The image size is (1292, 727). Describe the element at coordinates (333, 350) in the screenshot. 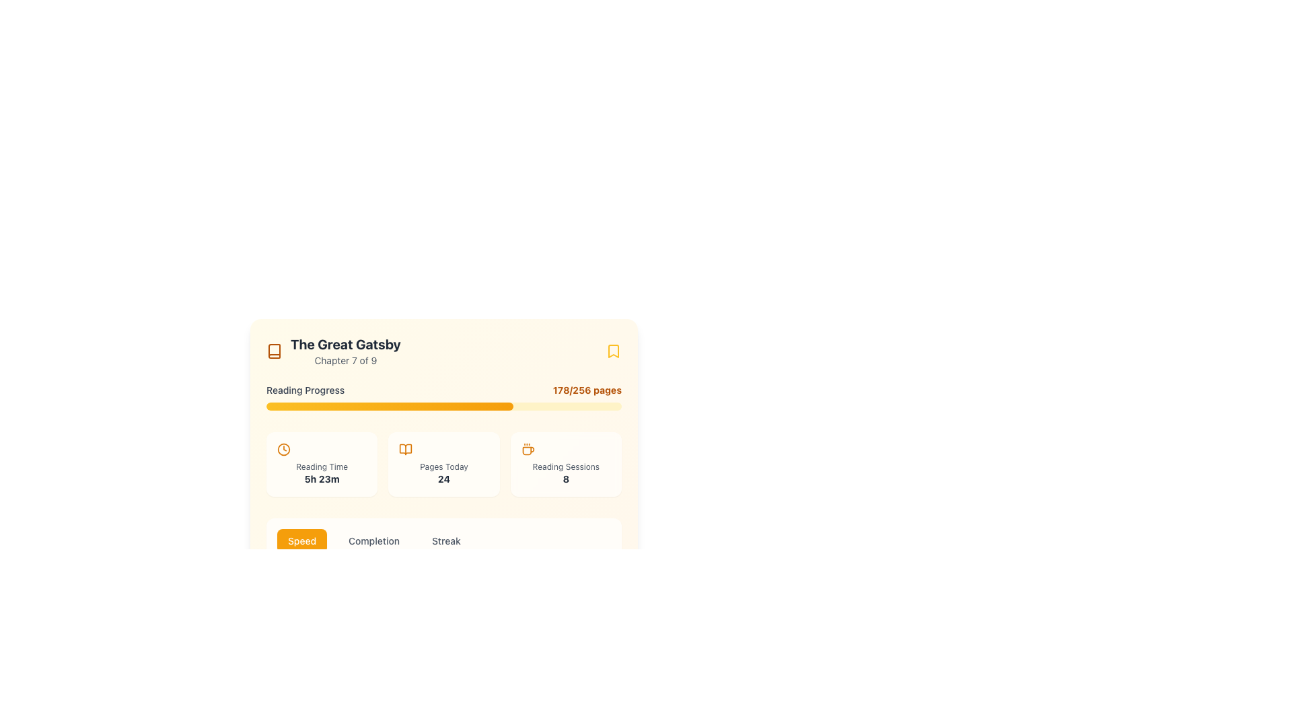

I see `the title and subtitle section displaying 'The Great Gatsby' and 'Chapter 7 of 9' for accessibility purposes` at that location.